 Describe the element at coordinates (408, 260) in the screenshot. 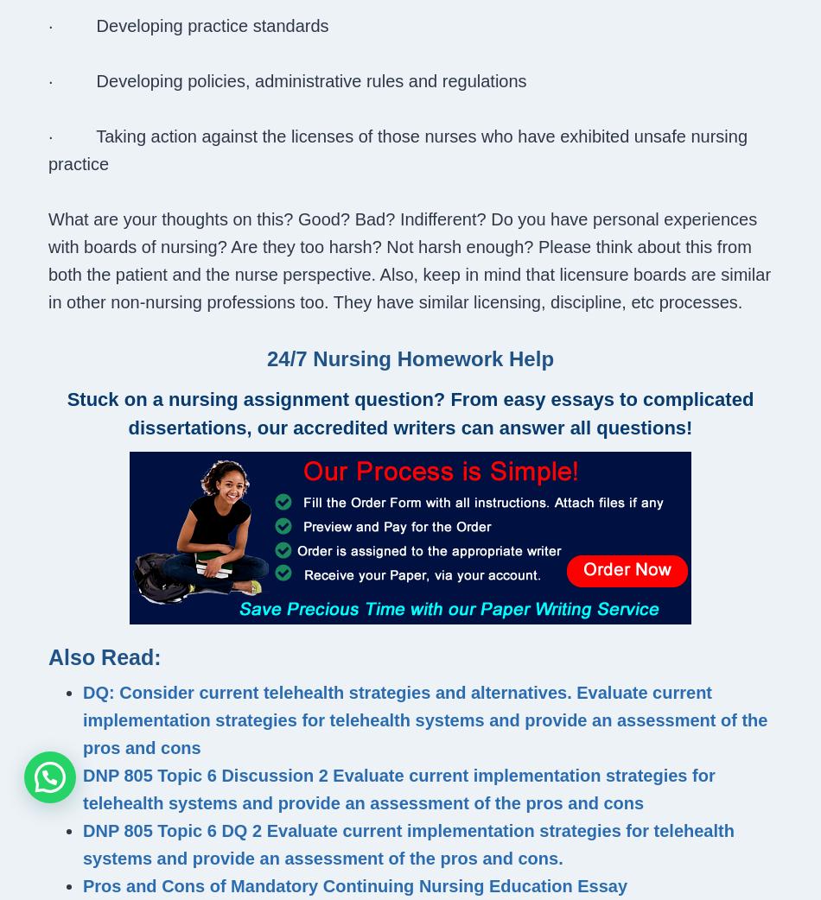

I see `'What are your thoughts on this? Good? Bad? Indifferent? Do you have personal experiences with boards of nursing? Are they too harsh? Not harsh enough? Please think about this from both the patient and the nurse perspective. Also, keep in mind that licensure boards are similar in other non-nursing professions too. They have similar licensing, discipline, etc processes.'` at that location.